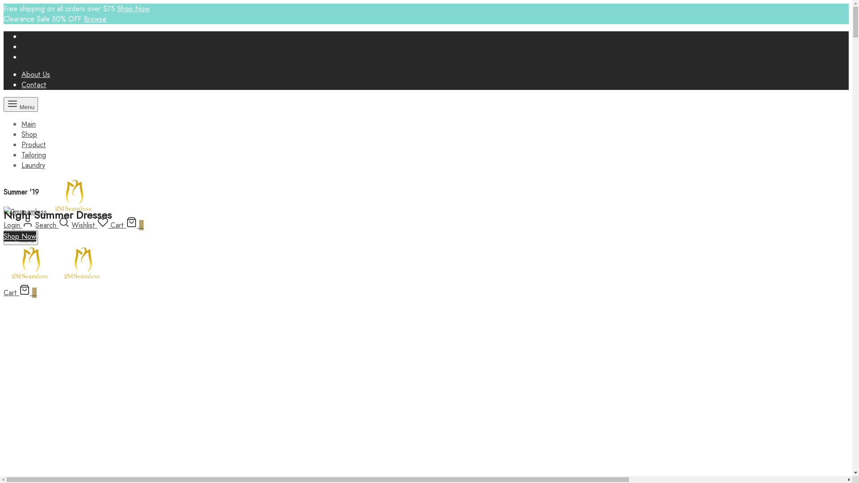  Describe the element at coordinates (21, 154) in the screenshot. I see `'Tailoring'` at that location.